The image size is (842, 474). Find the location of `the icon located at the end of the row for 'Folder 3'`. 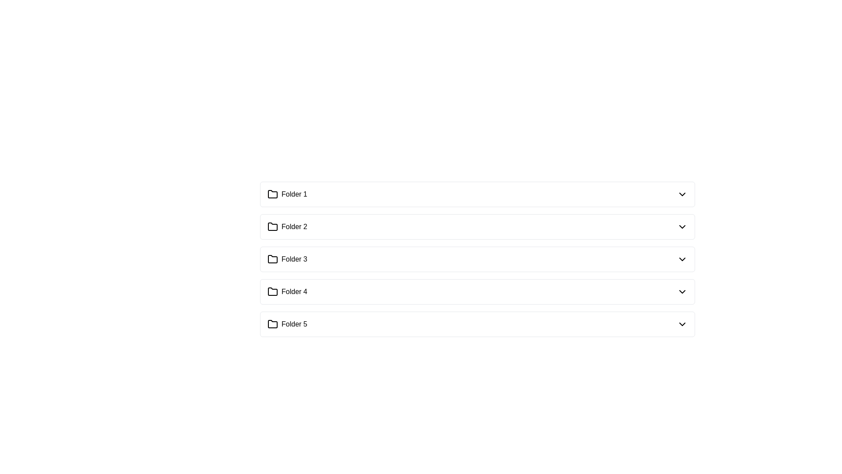

the icon located at the end of the row for 'Folder 3' is located at coordinates (681, 259).